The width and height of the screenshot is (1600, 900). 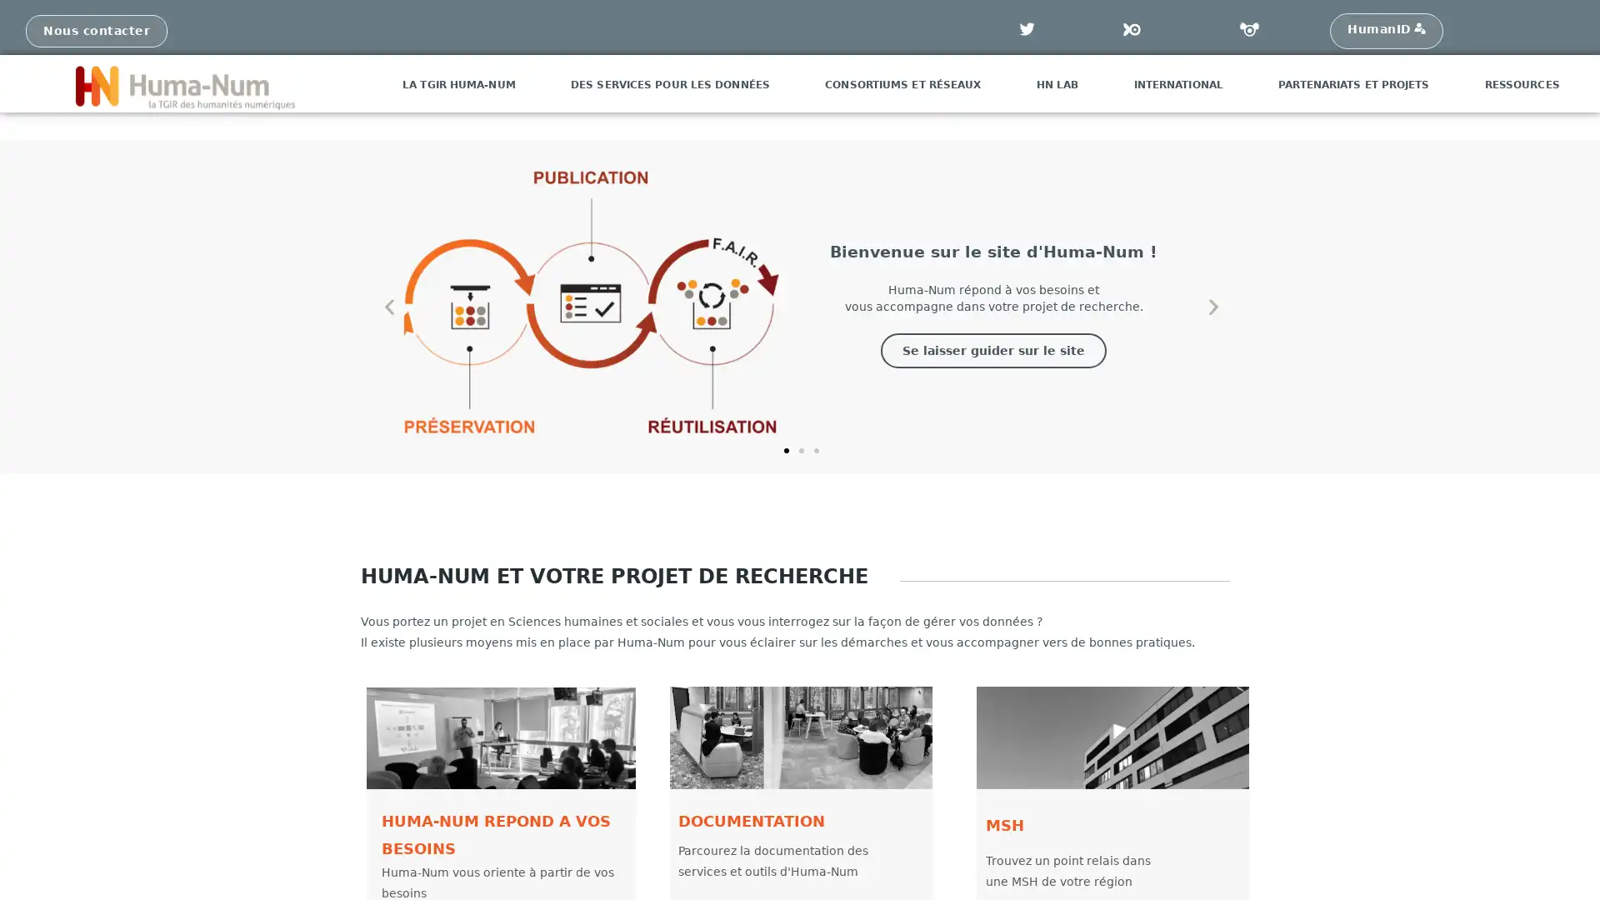 What do you see at coordinates (387, 306) in the screenshot?
I see `Previous slide` at bounding box center [387, 306].